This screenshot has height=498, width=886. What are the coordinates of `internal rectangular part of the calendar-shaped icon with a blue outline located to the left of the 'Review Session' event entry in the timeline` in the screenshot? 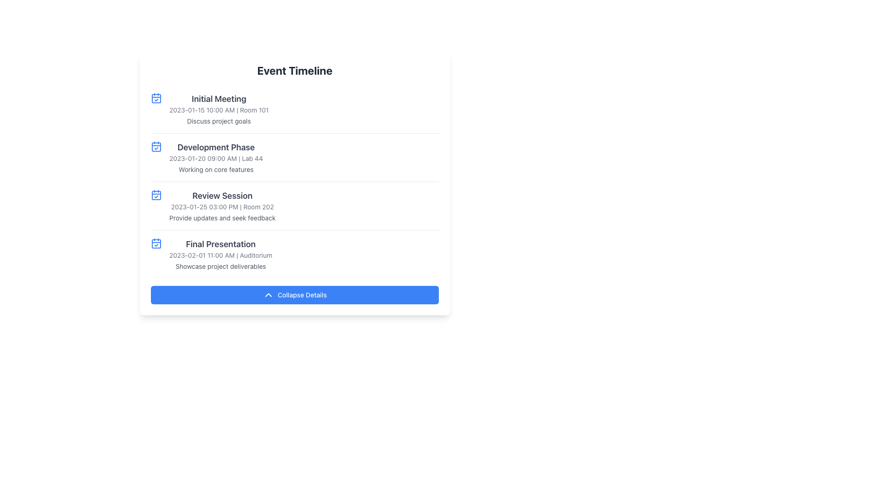 It's located at (156, 195).